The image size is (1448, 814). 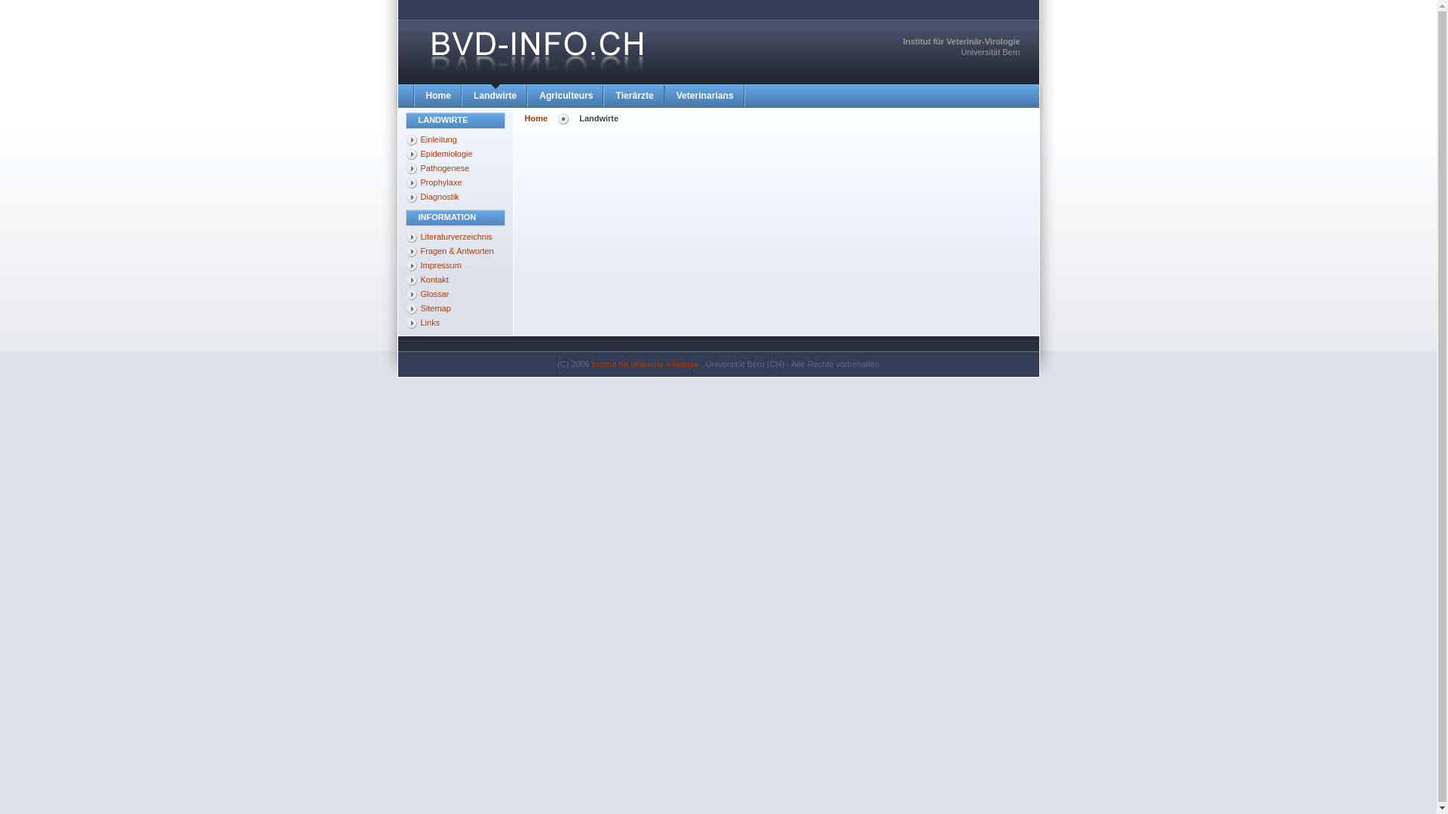 What do you see at coordinates (405, 197) in the screenshot?
I see `'Diagnostik'` at bounding box center [405, 197].